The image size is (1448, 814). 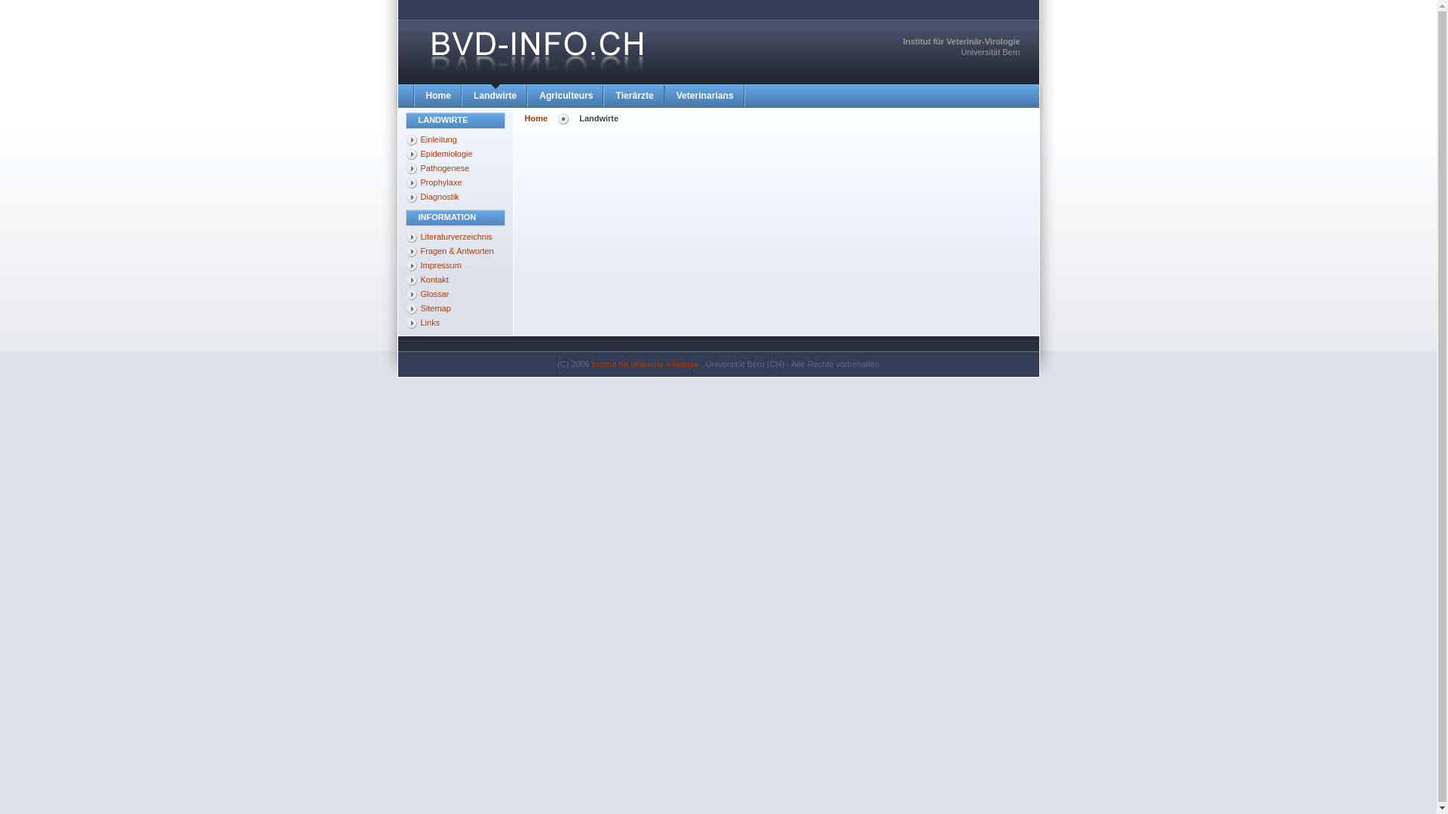 What do you see at coordinates (405, 197) in the screenshot?
I see `'Diagnostik'` at bounding box center [405, 197].